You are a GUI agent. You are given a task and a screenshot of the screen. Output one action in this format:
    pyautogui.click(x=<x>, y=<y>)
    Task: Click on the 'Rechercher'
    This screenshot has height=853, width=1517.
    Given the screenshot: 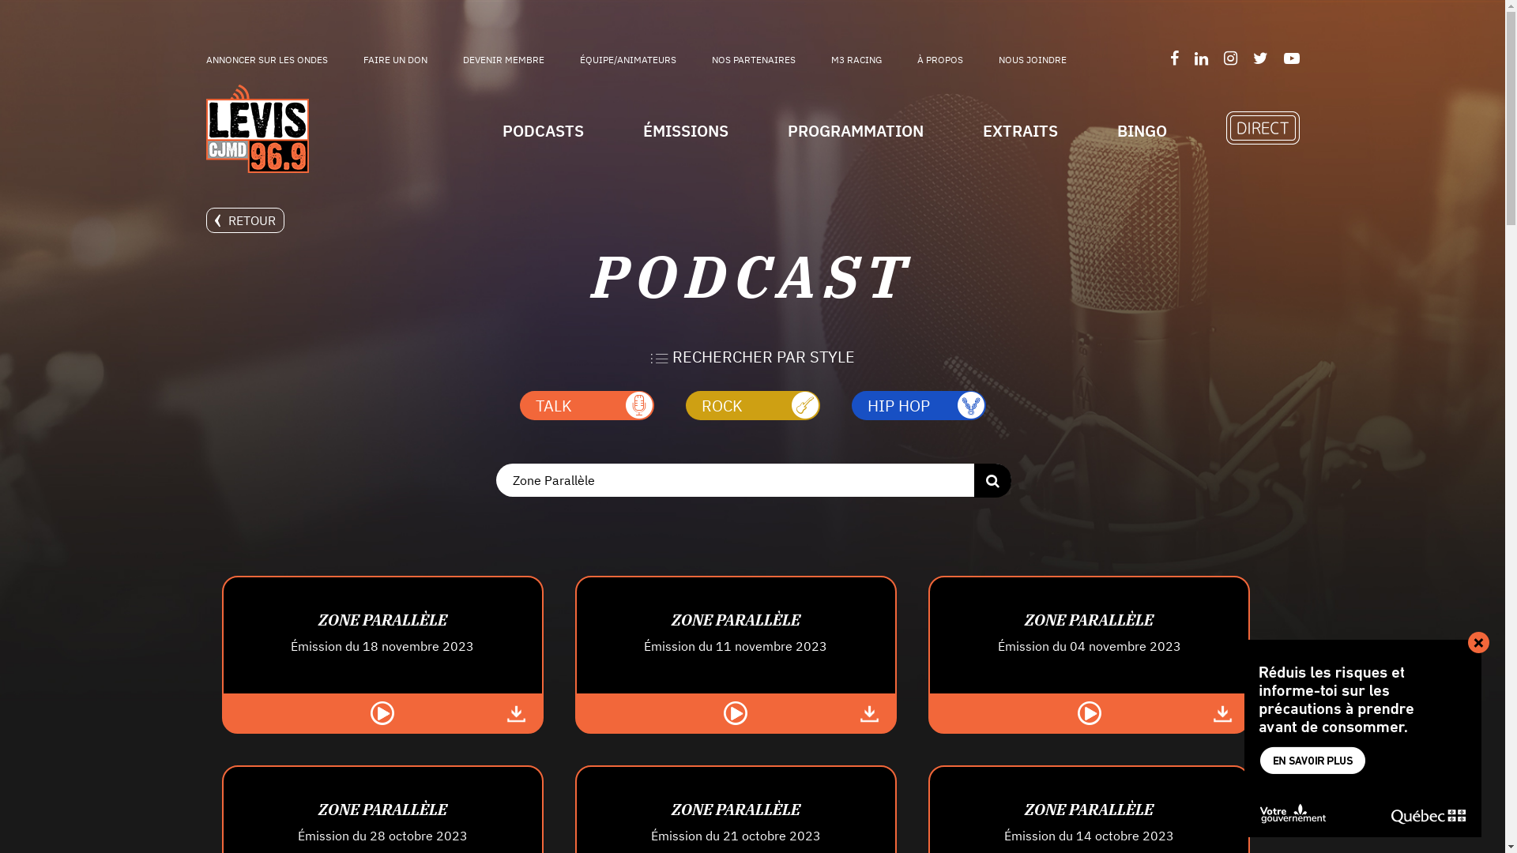 What is the action you would take?
    pyautogui.click(x=991, y=479)
    